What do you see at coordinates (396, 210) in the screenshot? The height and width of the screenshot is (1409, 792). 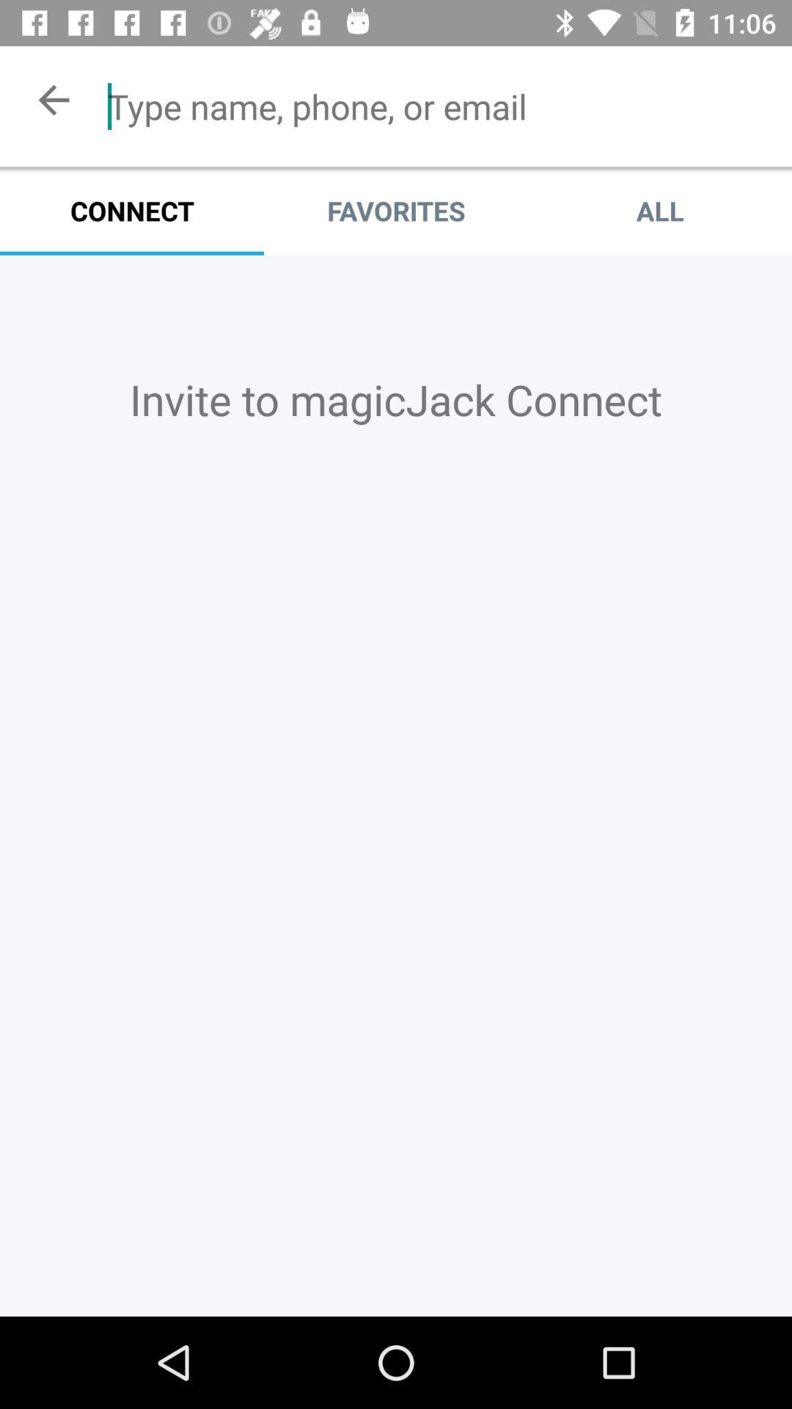 I see `item next to connect` at bounding box center [396, 210].